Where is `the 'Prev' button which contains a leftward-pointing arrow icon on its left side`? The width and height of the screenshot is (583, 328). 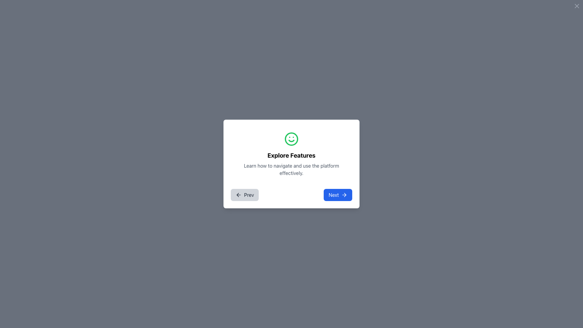
the 'Prev' button which contains a leftward-pointing arrow icon on its left side is located at coordinates (238, 195).